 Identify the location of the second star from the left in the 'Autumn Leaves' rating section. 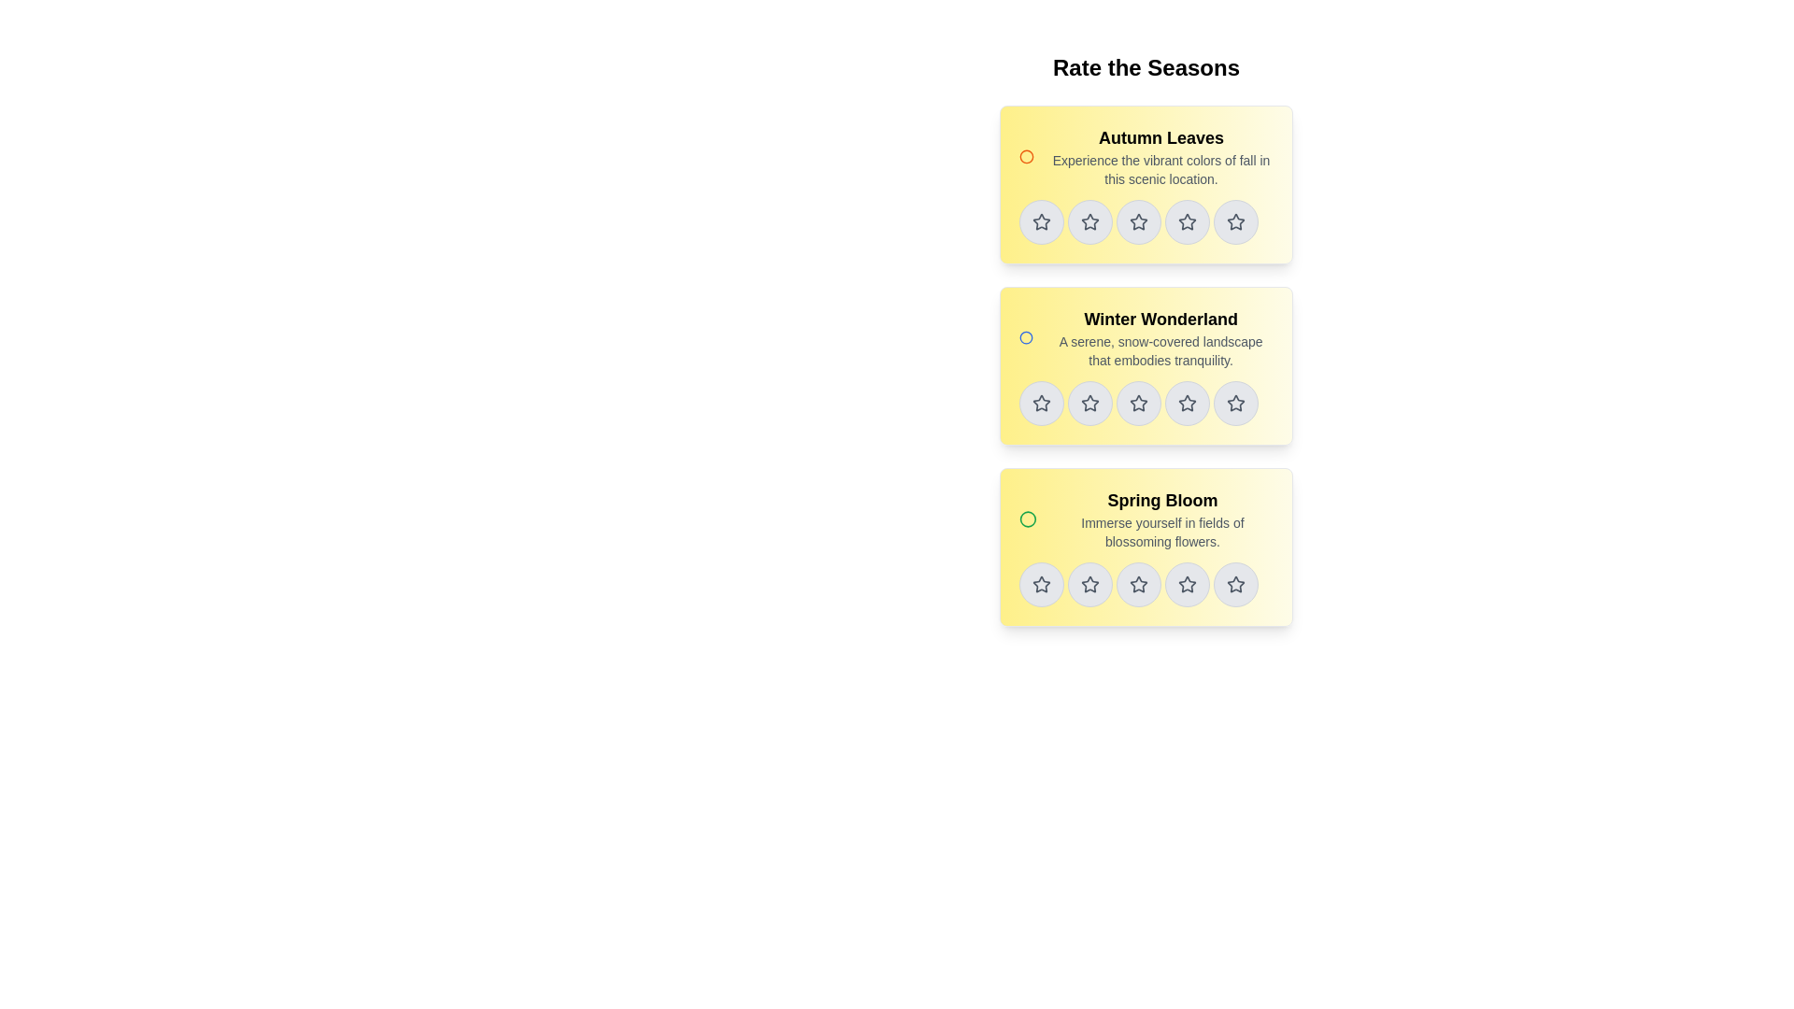
(1138, 220).